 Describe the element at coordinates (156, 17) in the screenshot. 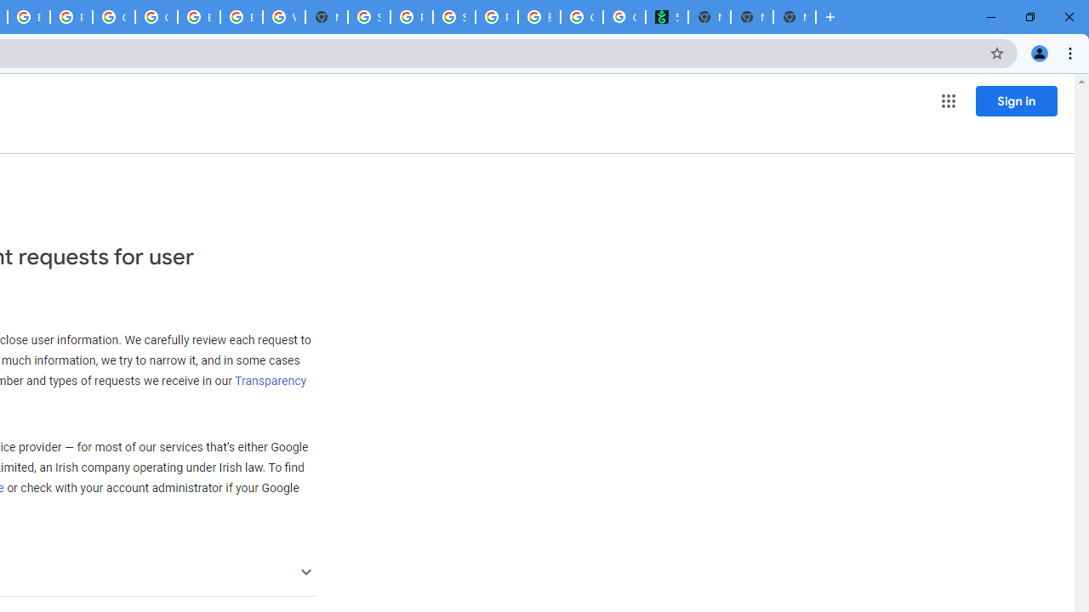

I see `'Google Cloud Platform'` at that location.